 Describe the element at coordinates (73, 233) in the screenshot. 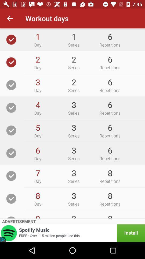

I see `learn more about this advertisement` at that location.